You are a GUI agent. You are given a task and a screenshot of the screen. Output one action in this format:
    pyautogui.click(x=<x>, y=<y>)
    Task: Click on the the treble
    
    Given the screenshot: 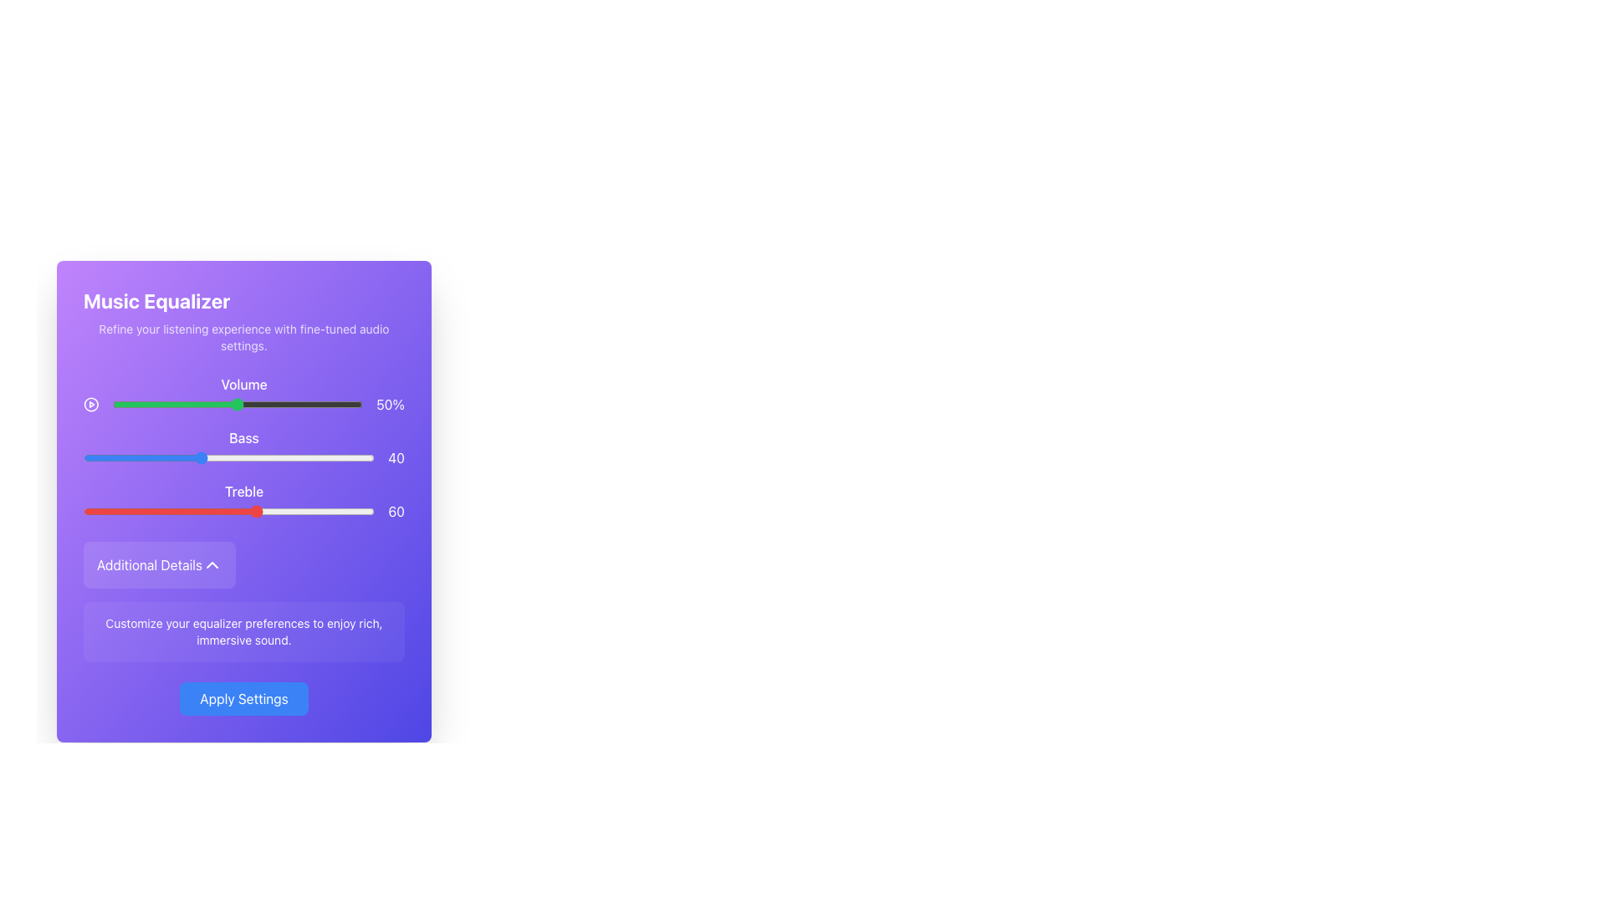 What is the action you would take?
    pyautogui.click(x=159, y=511)
    